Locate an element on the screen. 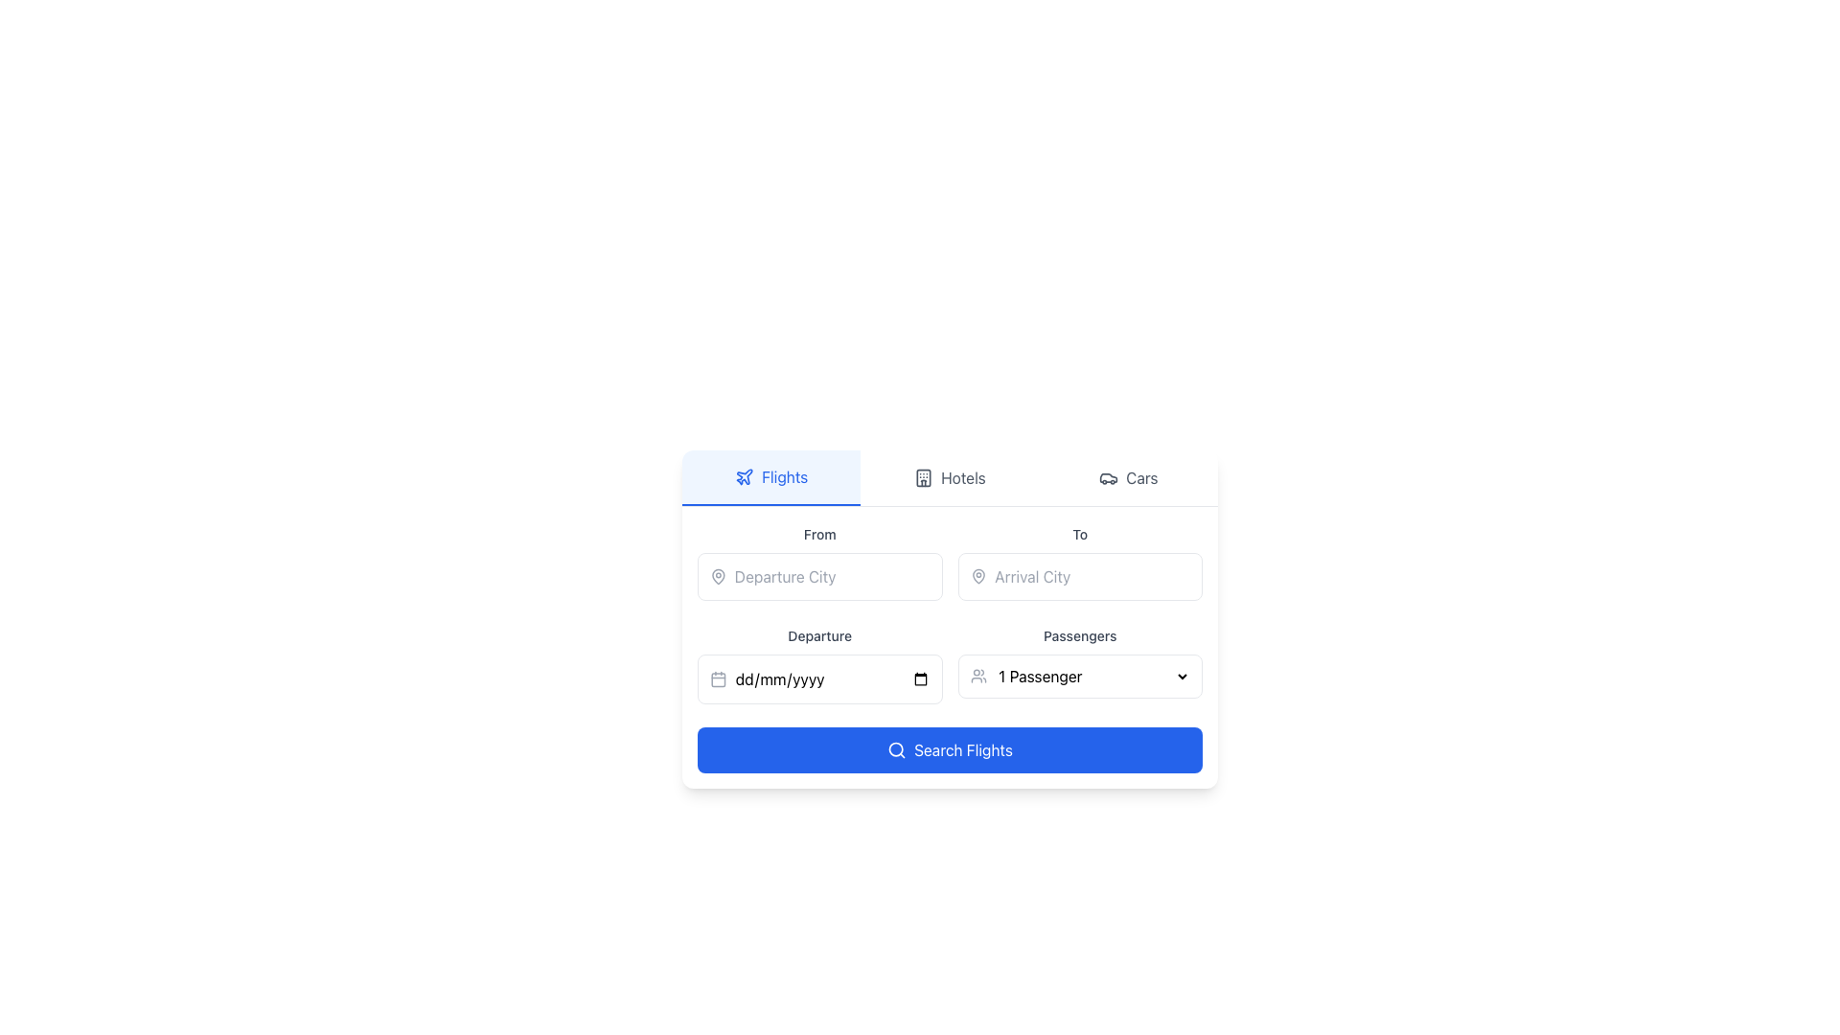  a departure date from the date picker in the flight search interface, located centrally below the 'From' and 'To' input fields is located at coordinates (950, 663).